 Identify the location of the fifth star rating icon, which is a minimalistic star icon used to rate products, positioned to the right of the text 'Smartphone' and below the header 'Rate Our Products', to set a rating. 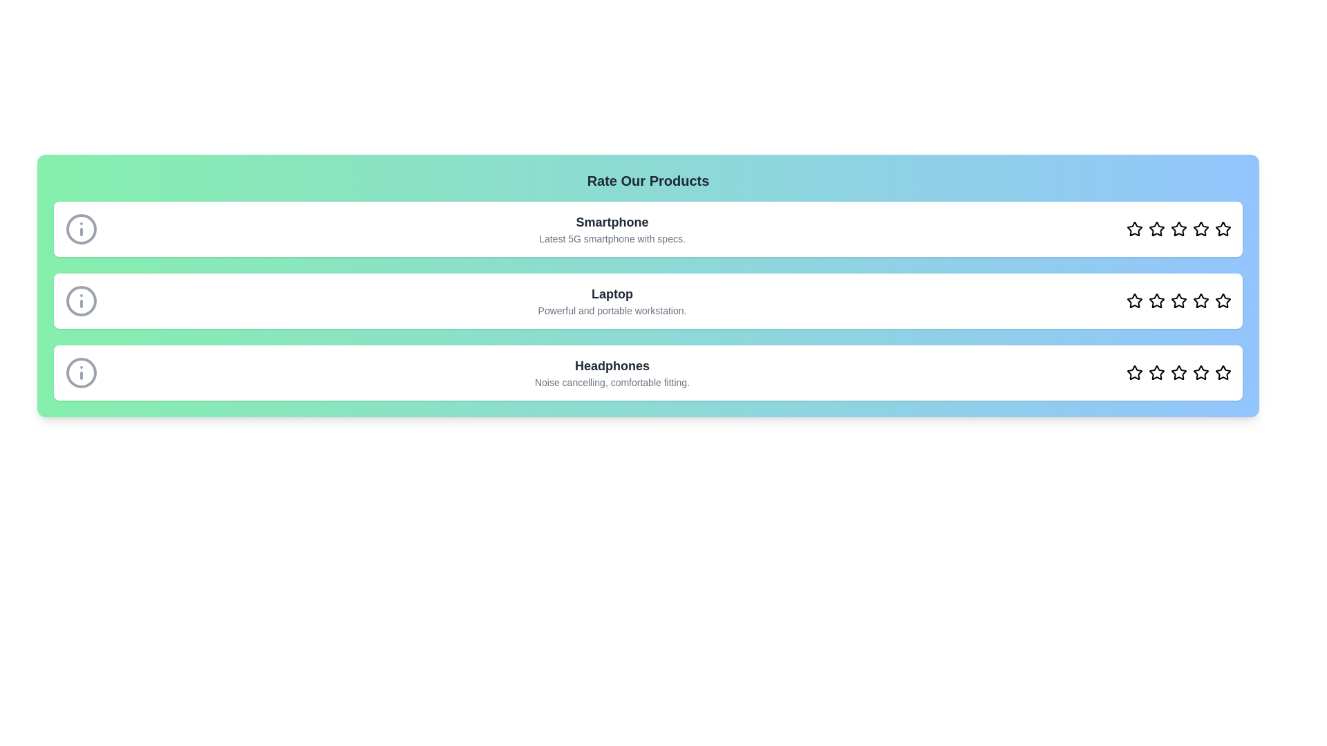
(1223, 228).